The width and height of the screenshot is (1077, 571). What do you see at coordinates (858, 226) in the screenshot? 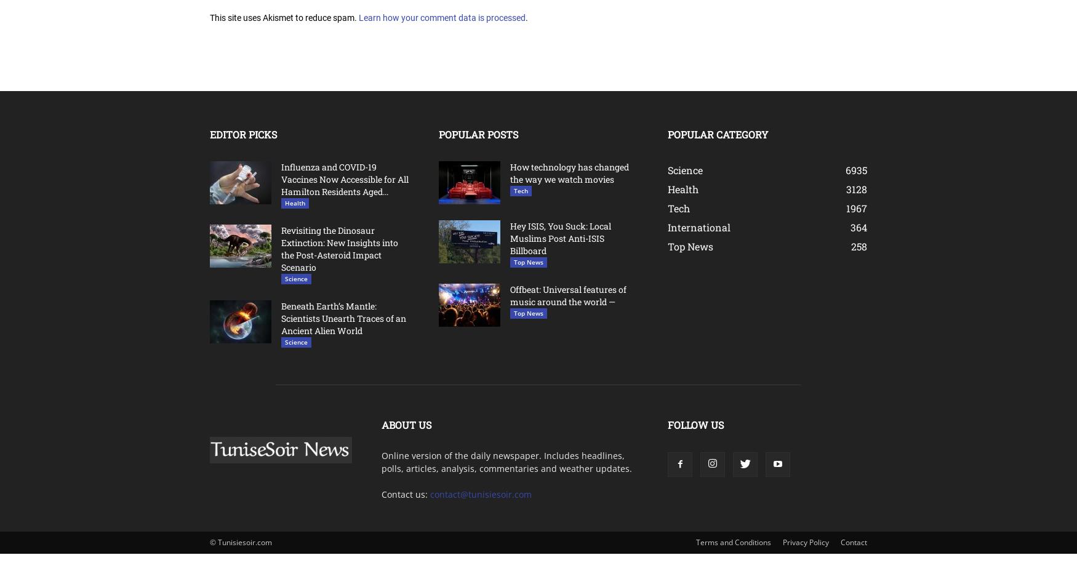
I see `'364'` at bounding box center [858, 226].